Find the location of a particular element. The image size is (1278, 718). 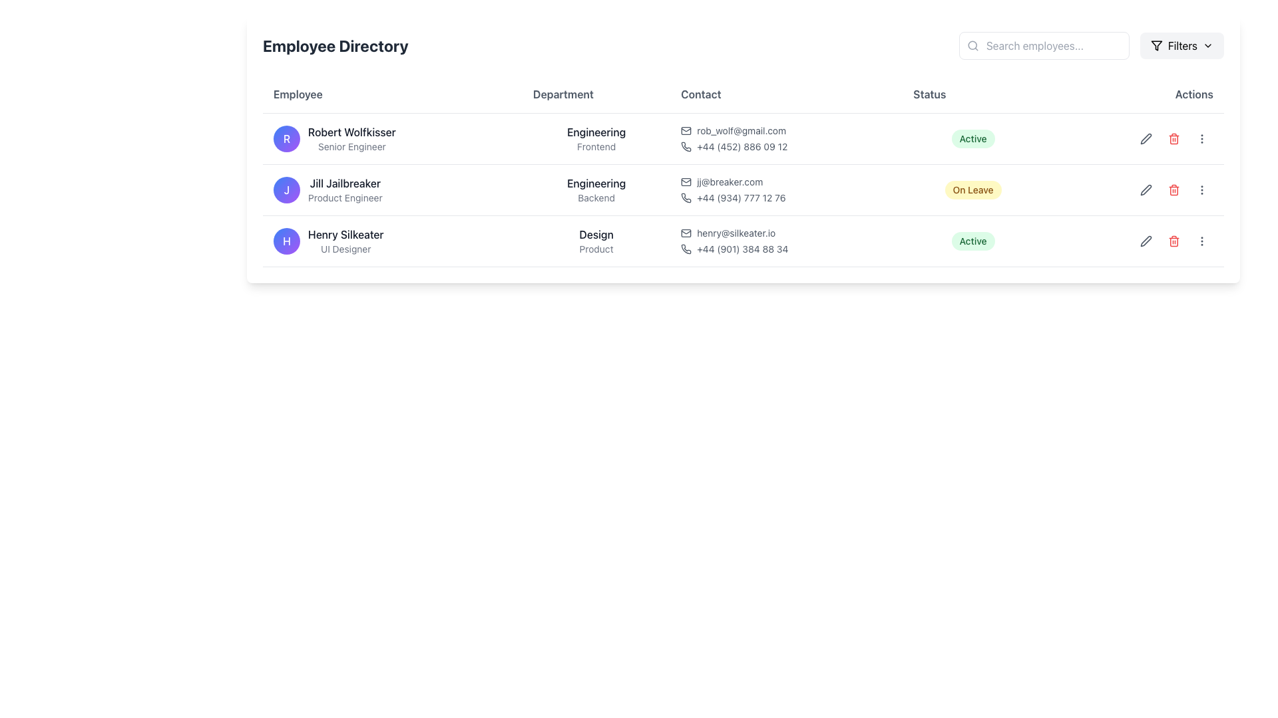

the email address 'rob_wolf@gmail.com' displayed in the 'Contact' column for 'Robert Wolfkisser', which is represented by a Text element with an envelope icon is located at coordinates (786, 130).